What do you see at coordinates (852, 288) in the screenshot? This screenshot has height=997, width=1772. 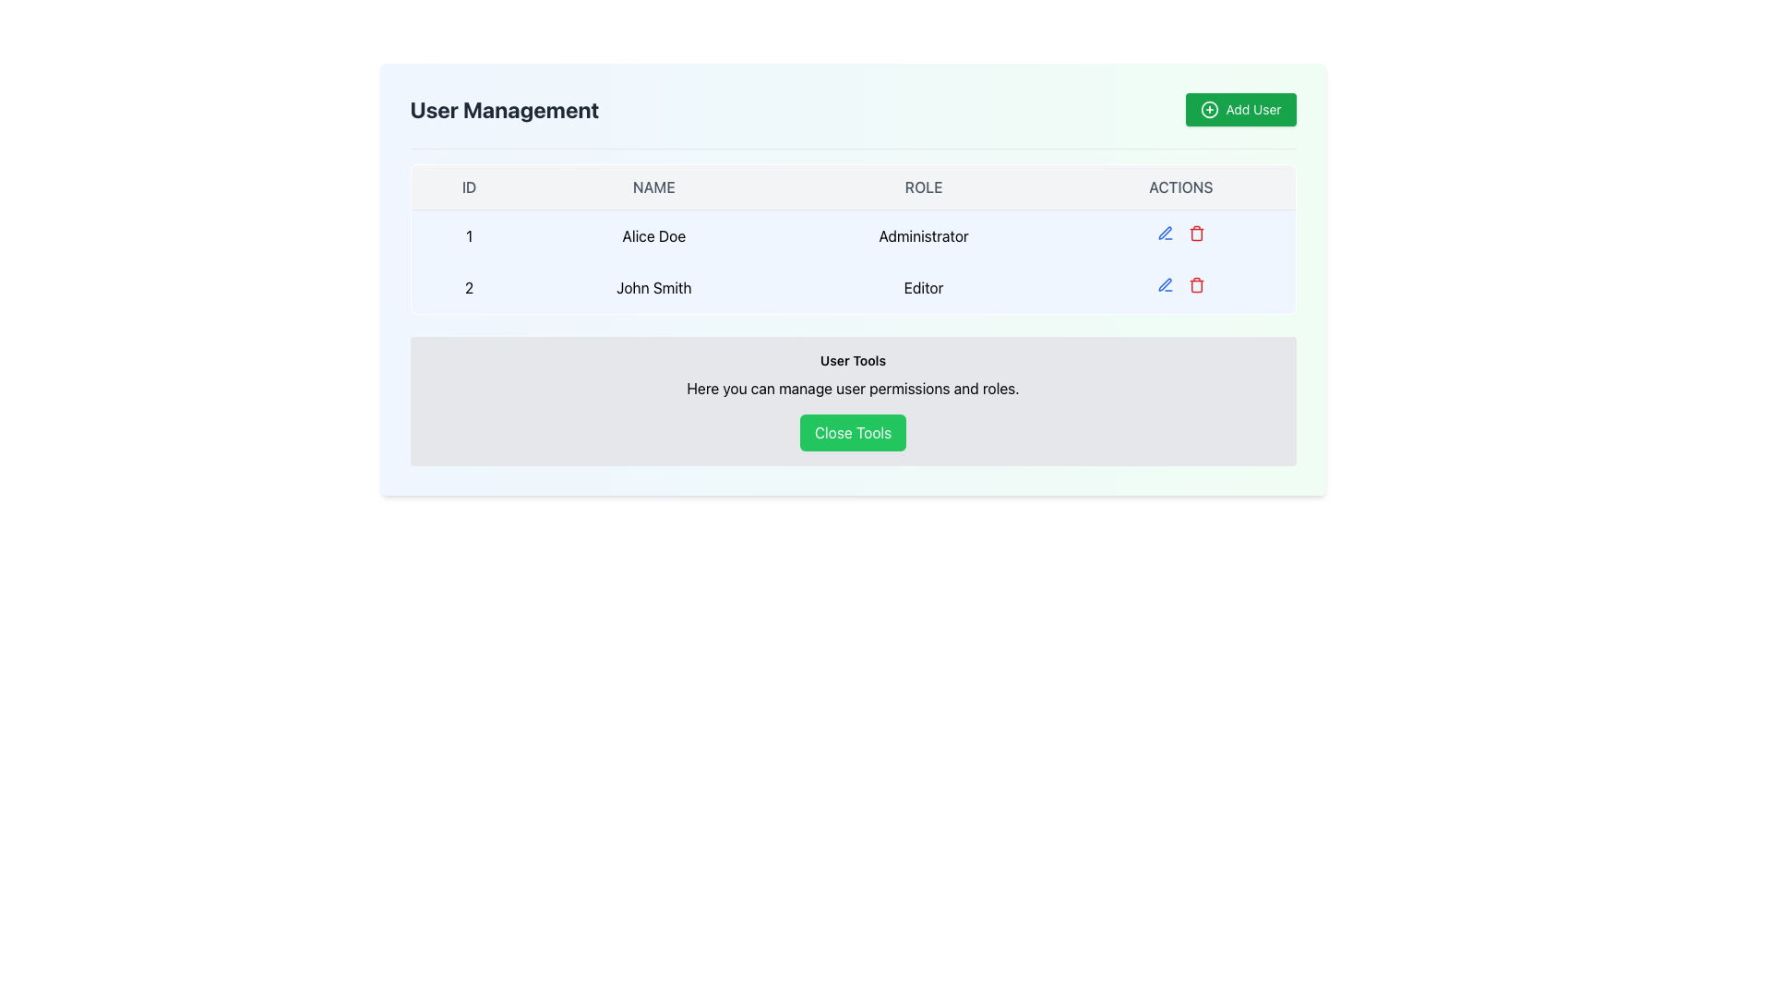 I see `the second row in the user details table, located directly below the row containing 'Alice Doe' and 'Administrator'` at bounding box center [852, 288].